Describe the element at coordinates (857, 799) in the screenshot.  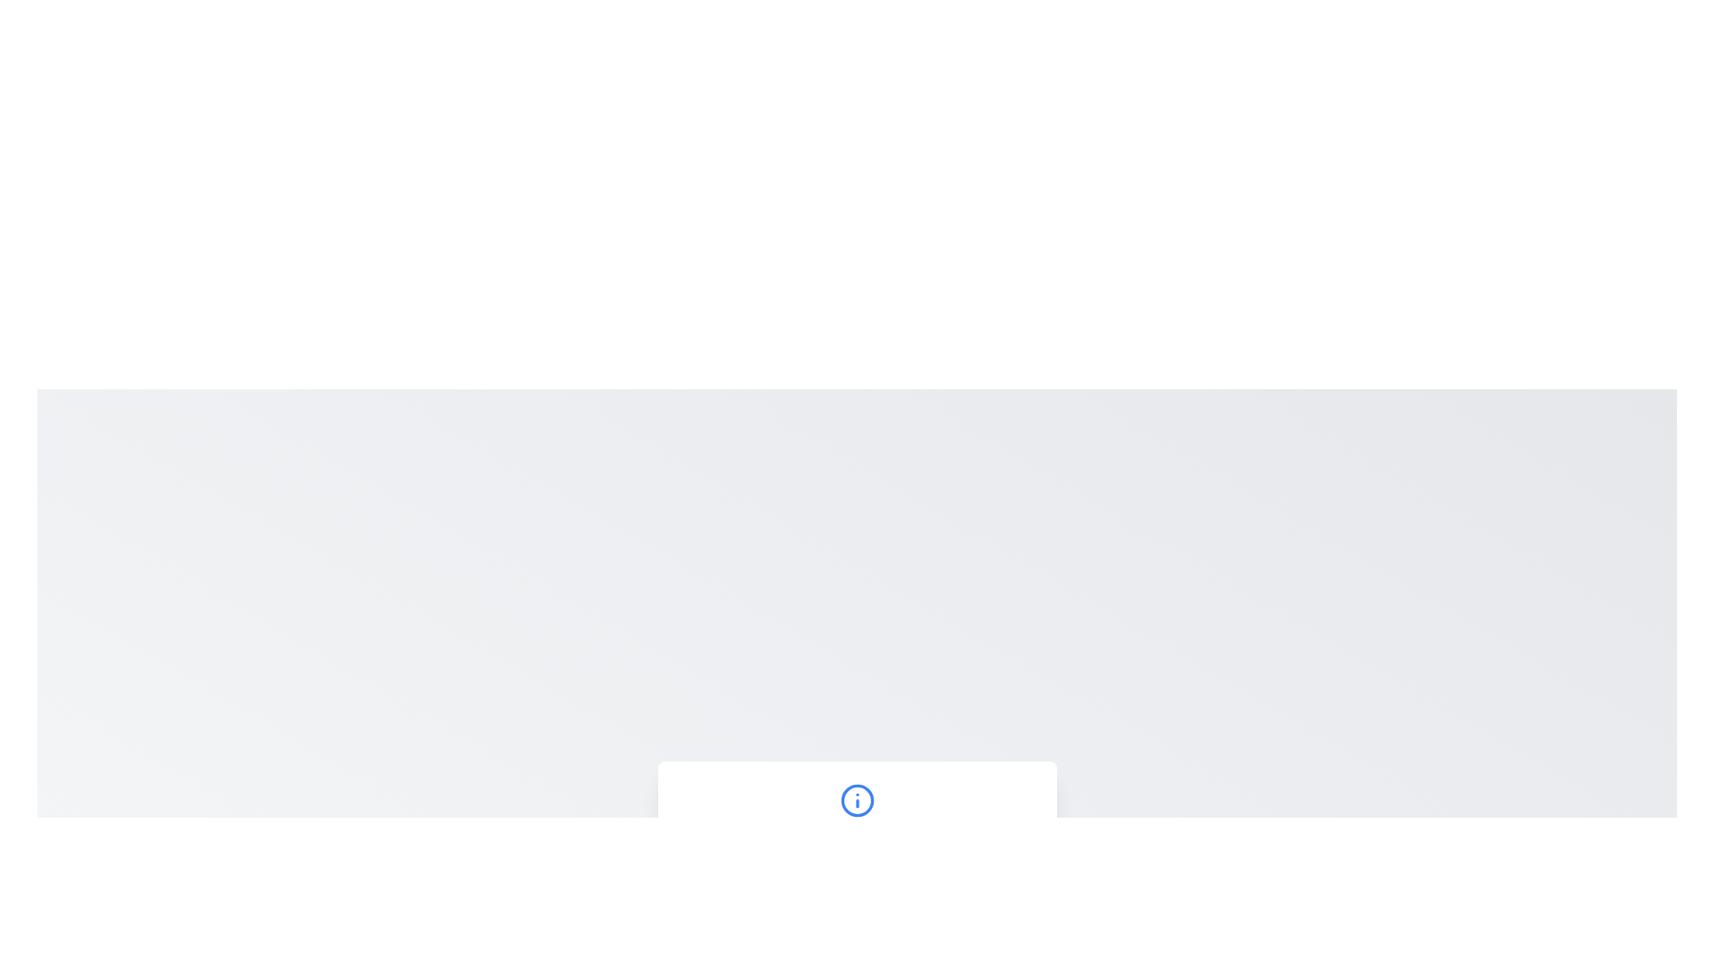
I see `the circular blue outlined icon with an 'i' symbol at its center, located below the heading 'Action Confirmation Required'` at that location.